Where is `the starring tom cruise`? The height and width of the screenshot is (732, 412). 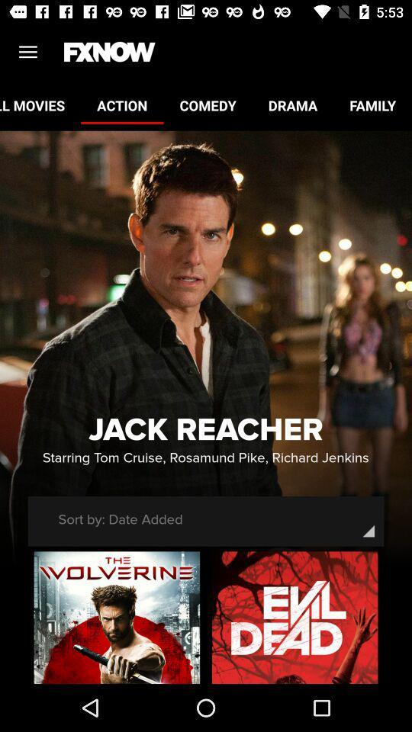
the starring tom cruise is located at coordinates (205, 457).